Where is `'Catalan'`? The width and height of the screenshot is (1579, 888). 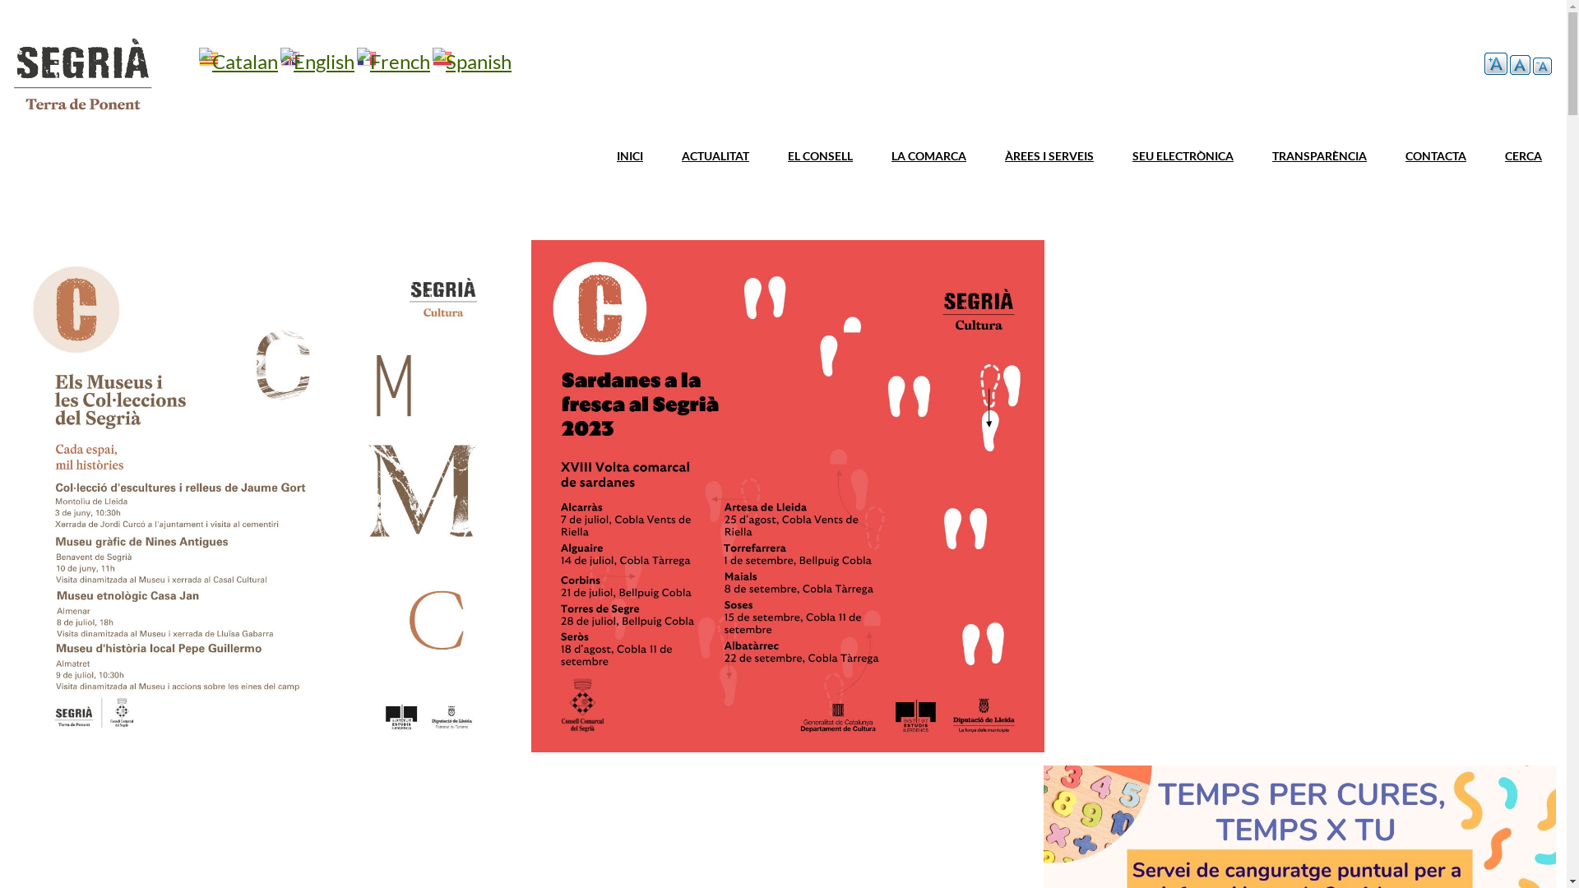
'Catalan' is located at coordinates (197, 60).